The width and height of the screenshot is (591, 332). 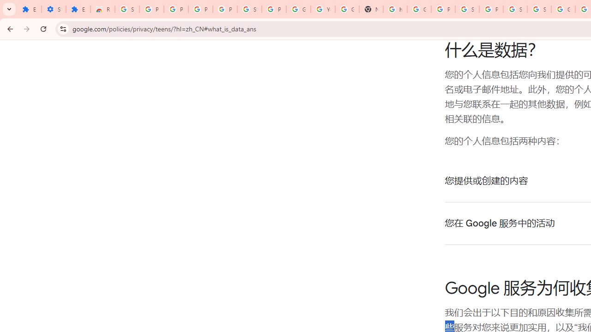 I want to click on 'Sign in - Google Accounts', so click(x=539, y=9).